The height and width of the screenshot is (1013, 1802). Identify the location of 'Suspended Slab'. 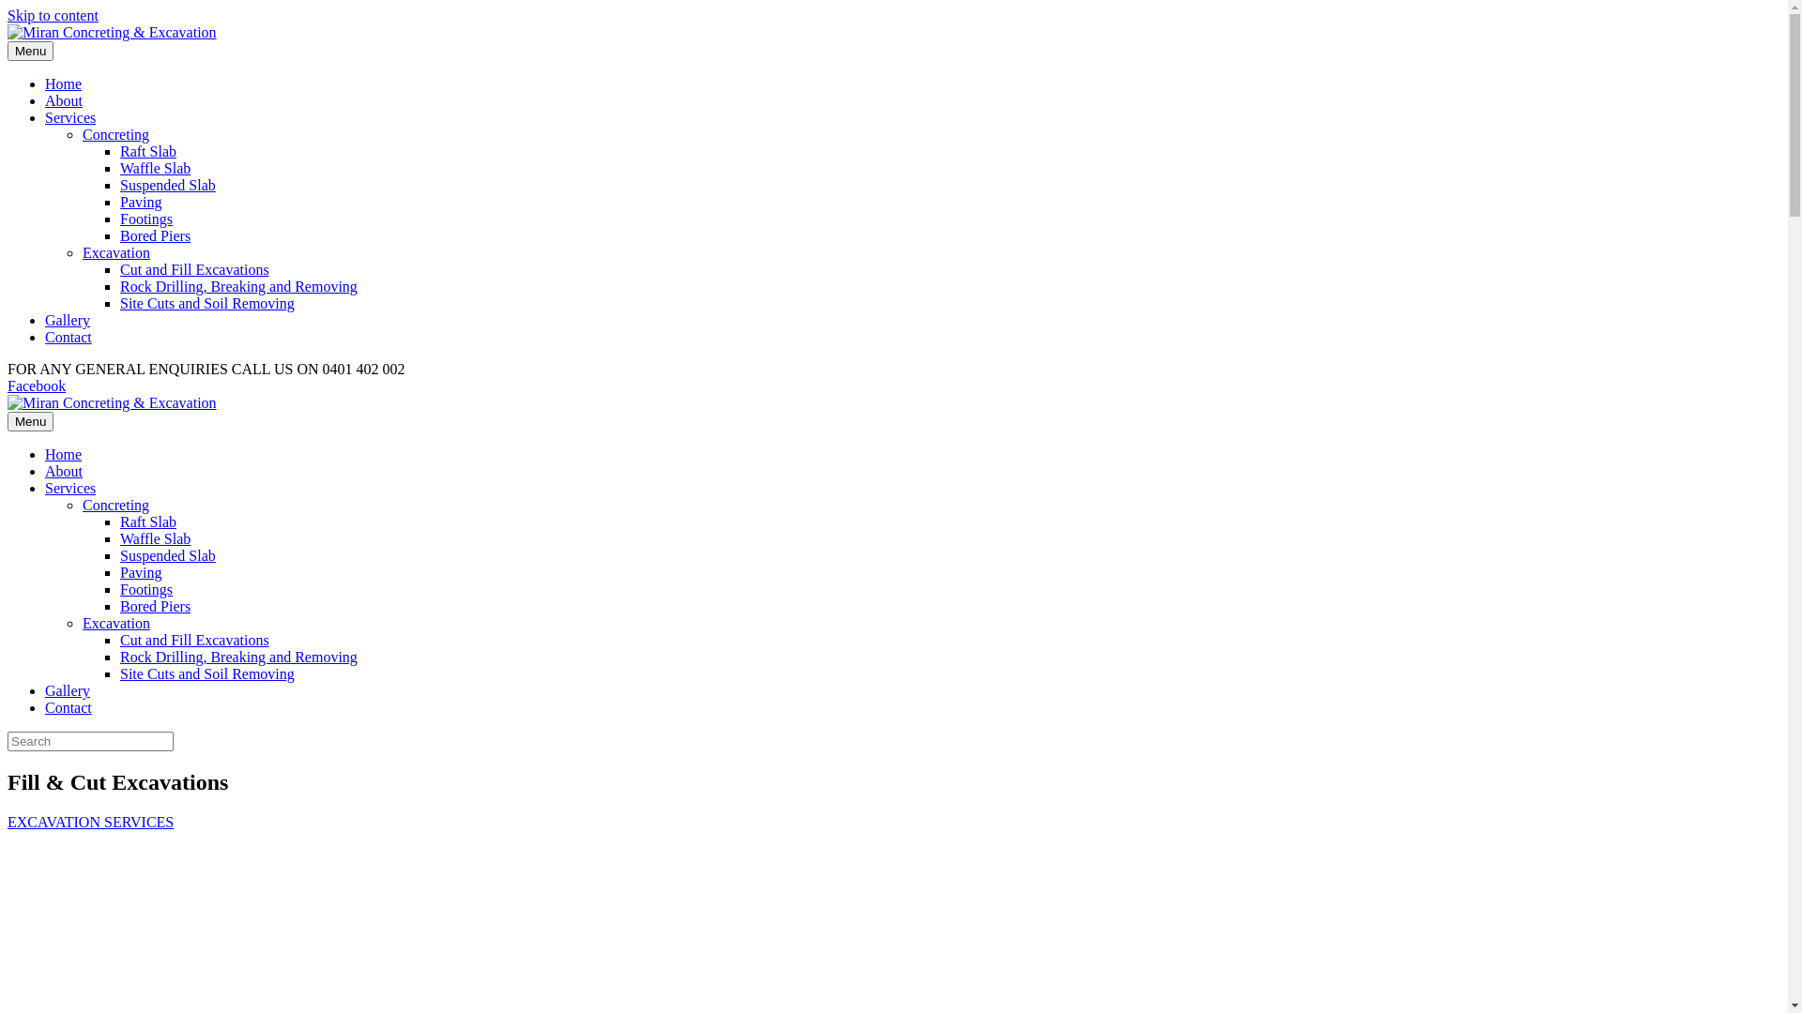
(167, 185).